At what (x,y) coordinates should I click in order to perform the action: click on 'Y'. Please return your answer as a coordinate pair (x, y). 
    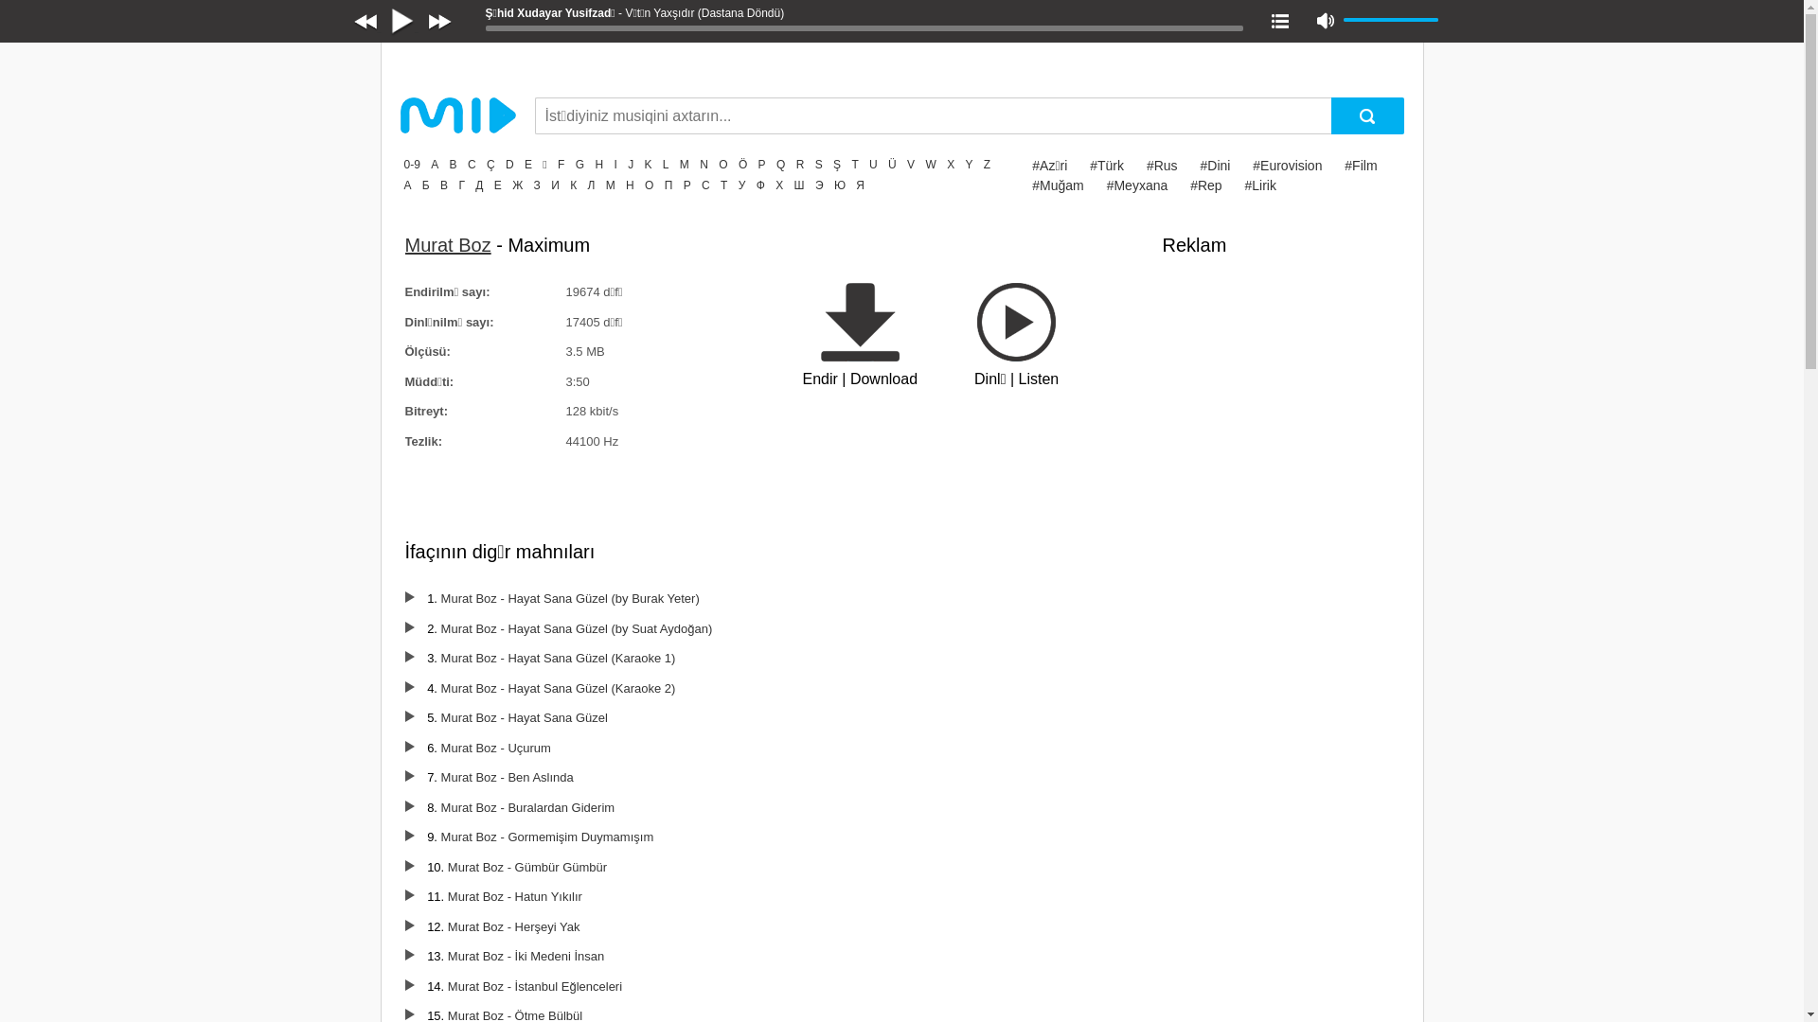
    Looking at the image, I should click on (968, 163).